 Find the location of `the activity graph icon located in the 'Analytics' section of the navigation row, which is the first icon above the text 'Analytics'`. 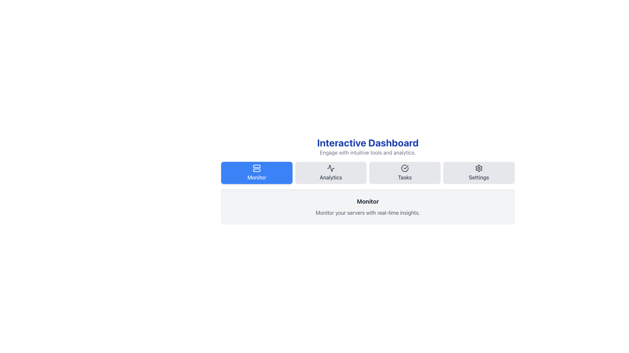

the activity graph icon located in the 'Analytics' section of the navigation row, which is the first icon above the text 'Analytics' is located at coordinates (331, 168).